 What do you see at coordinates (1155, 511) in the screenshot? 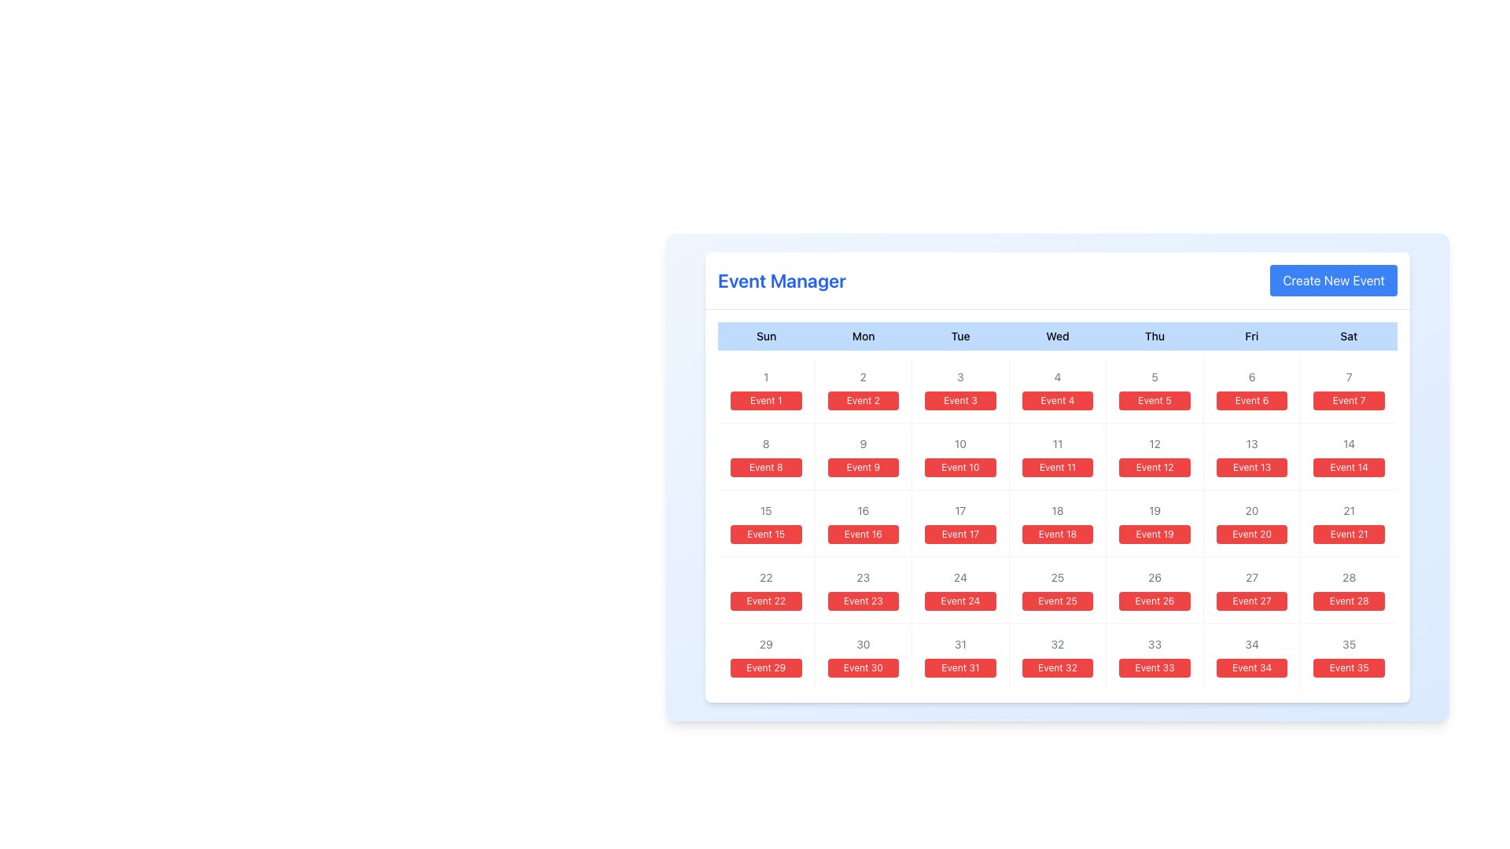
I see `the text label displaying the number '19' located in the fifth column and third row of the calendar grid, above the red button labeled 'Event 19'` at bounding box center [1155, 511].